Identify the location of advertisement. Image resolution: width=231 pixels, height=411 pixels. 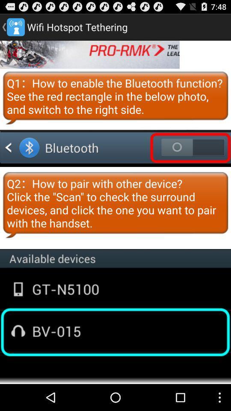
(89, 54).